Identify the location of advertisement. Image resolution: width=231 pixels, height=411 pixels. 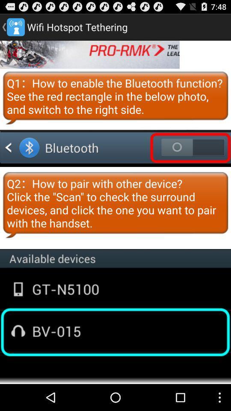
(89, 54).